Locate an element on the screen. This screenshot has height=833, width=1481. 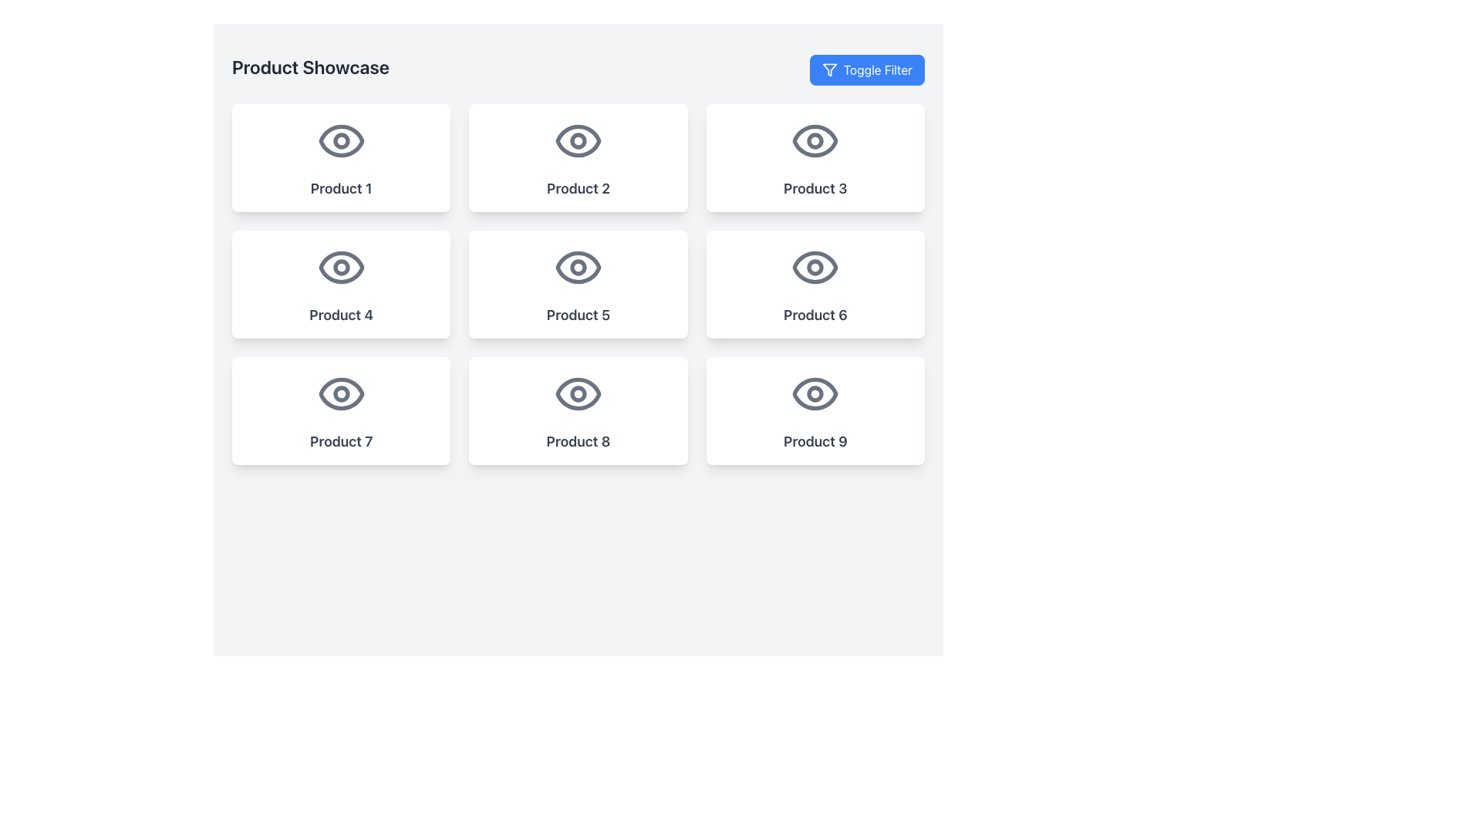
text 'Product 5' displayed in bold gray font at the bottom of the second card in the second row of a 3x3 grid layout is located at coordinates (577, 314).